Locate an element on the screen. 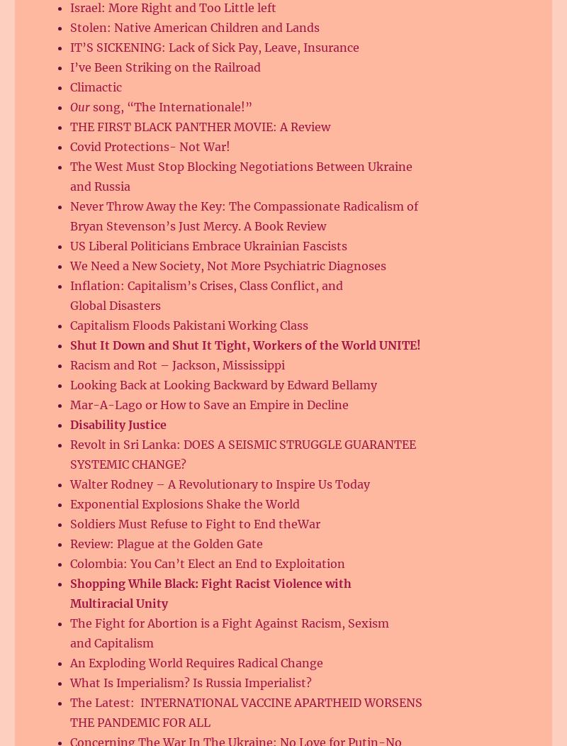  'IT’S SICKENING: Lack of Sick Pay, Leave, Insurance' is located at coordinates (214, 47).